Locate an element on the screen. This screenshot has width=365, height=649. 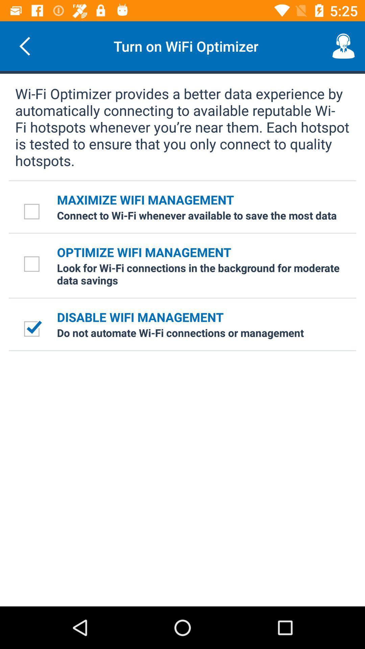
the icon next to turn on wifi item is located at coordinates (24, 46).